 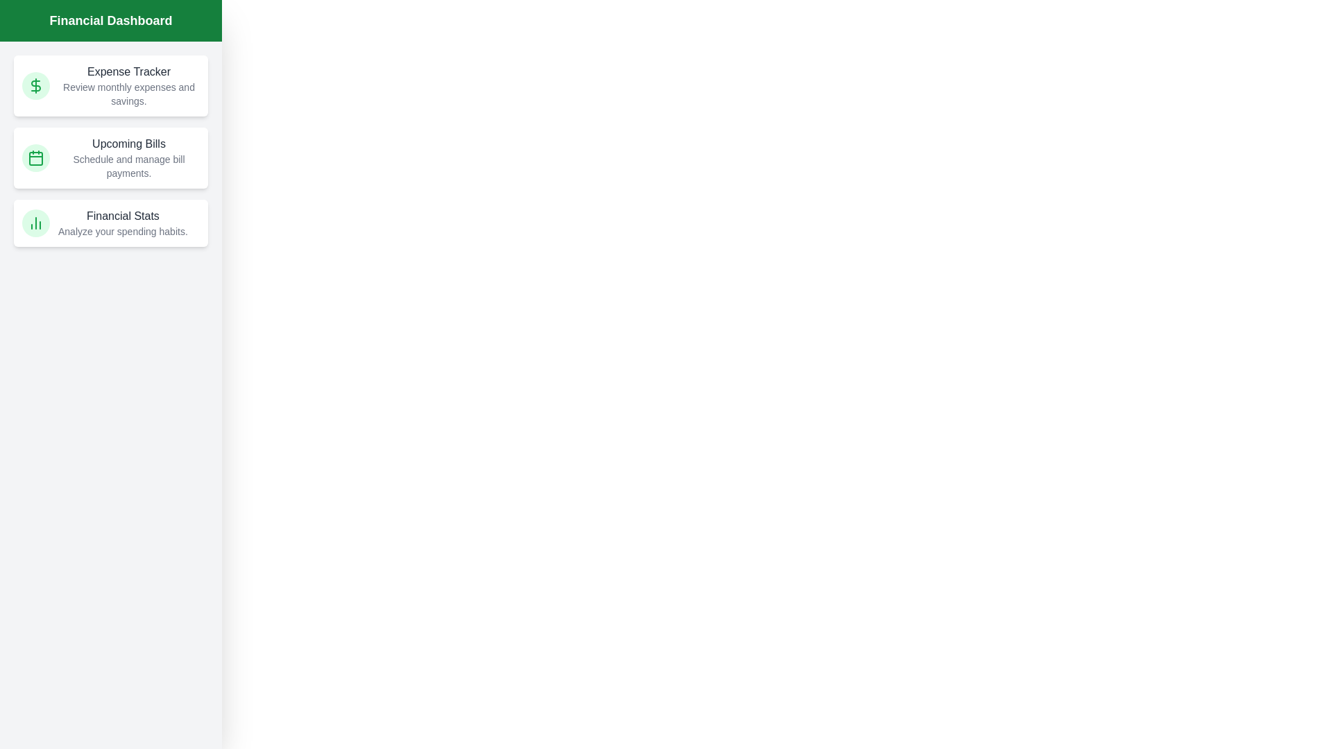 What do you see at coordinates (110, 157) in the screenshot?
I see `the item labeled Upcoming Bills` at bounding box center [110, 157].